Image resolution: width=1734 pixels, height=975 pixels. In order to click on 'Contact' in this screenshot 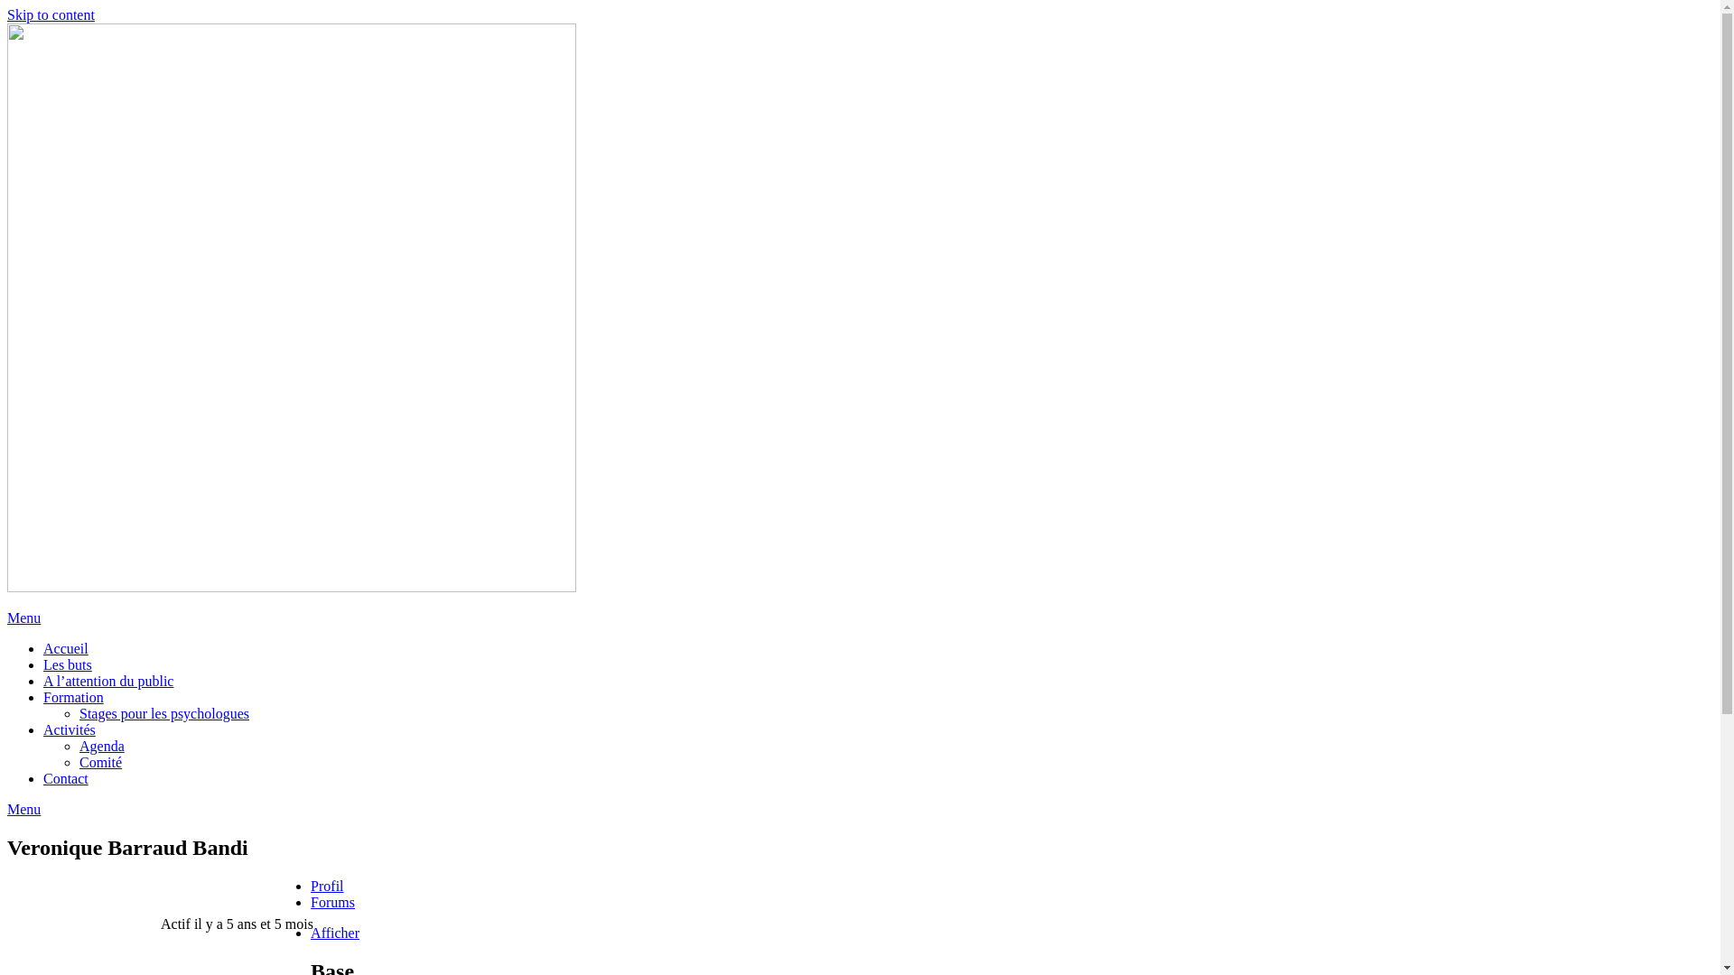, I will do `click(65, 777)`.